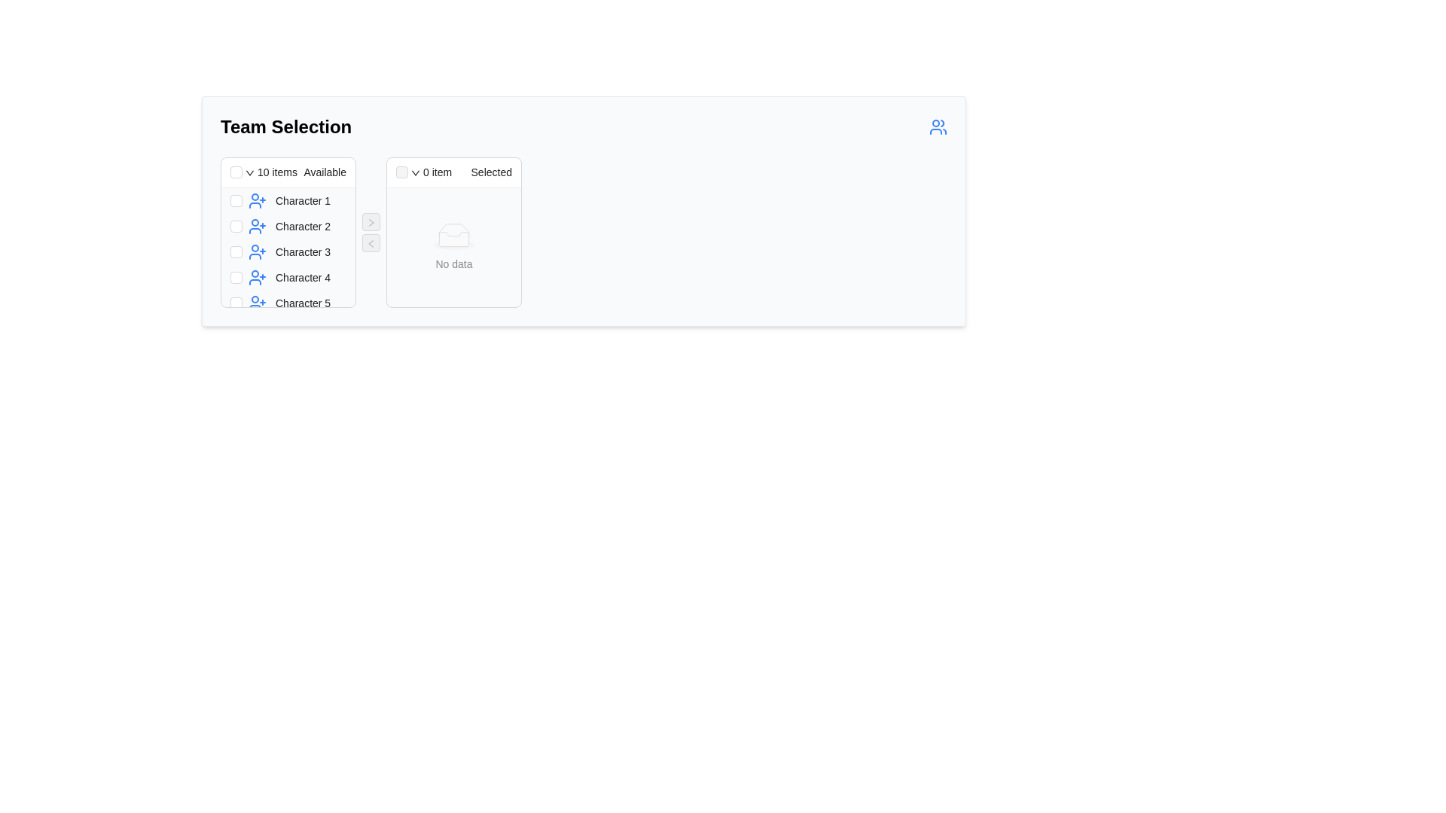  What do you see at coordinates (288, 246) in the screenshot?
I see `names listed in the selection list component located in the 'Team Selection' panel, specifically in the 'Available' subsection, where each row contains a checkbox and description` at bounding box center [288, 246].